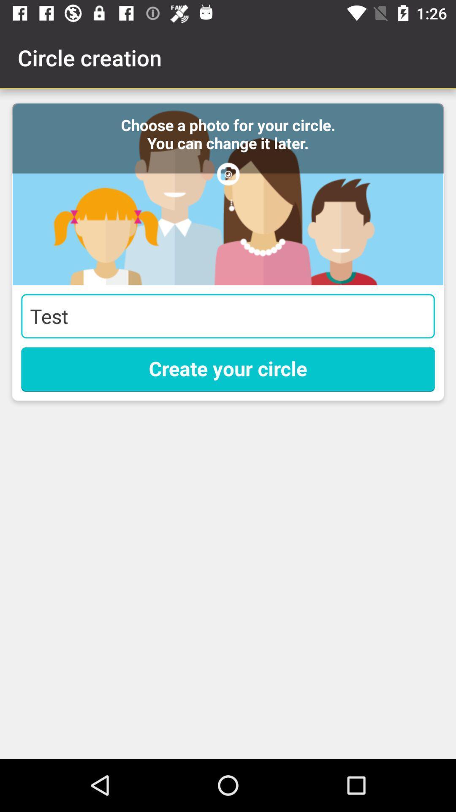 This screenshot has height=812, width=456. I want to click on a photo, so click(228, 194).